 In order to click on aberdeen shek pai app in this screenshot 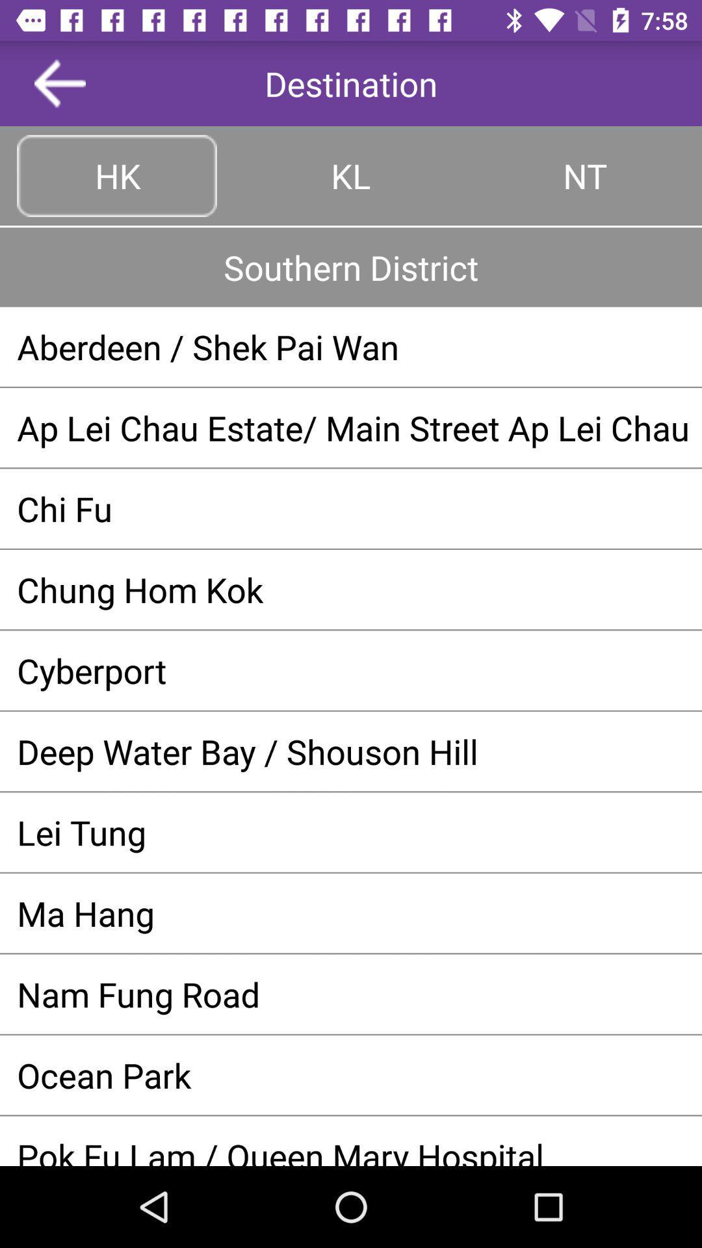, I will do `click(351, 346)`.